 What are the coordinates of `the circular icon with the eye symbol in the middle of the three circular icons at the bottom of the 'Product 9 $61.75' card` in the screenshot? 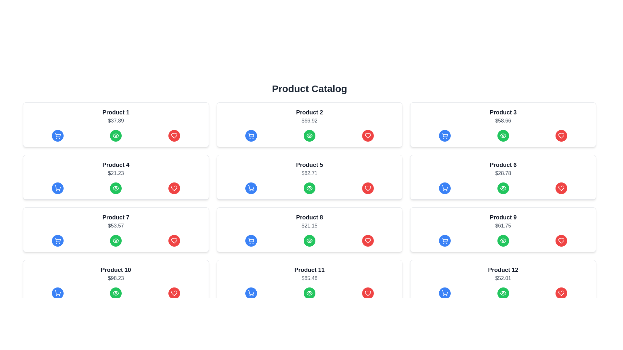 It's located at (503, 241).